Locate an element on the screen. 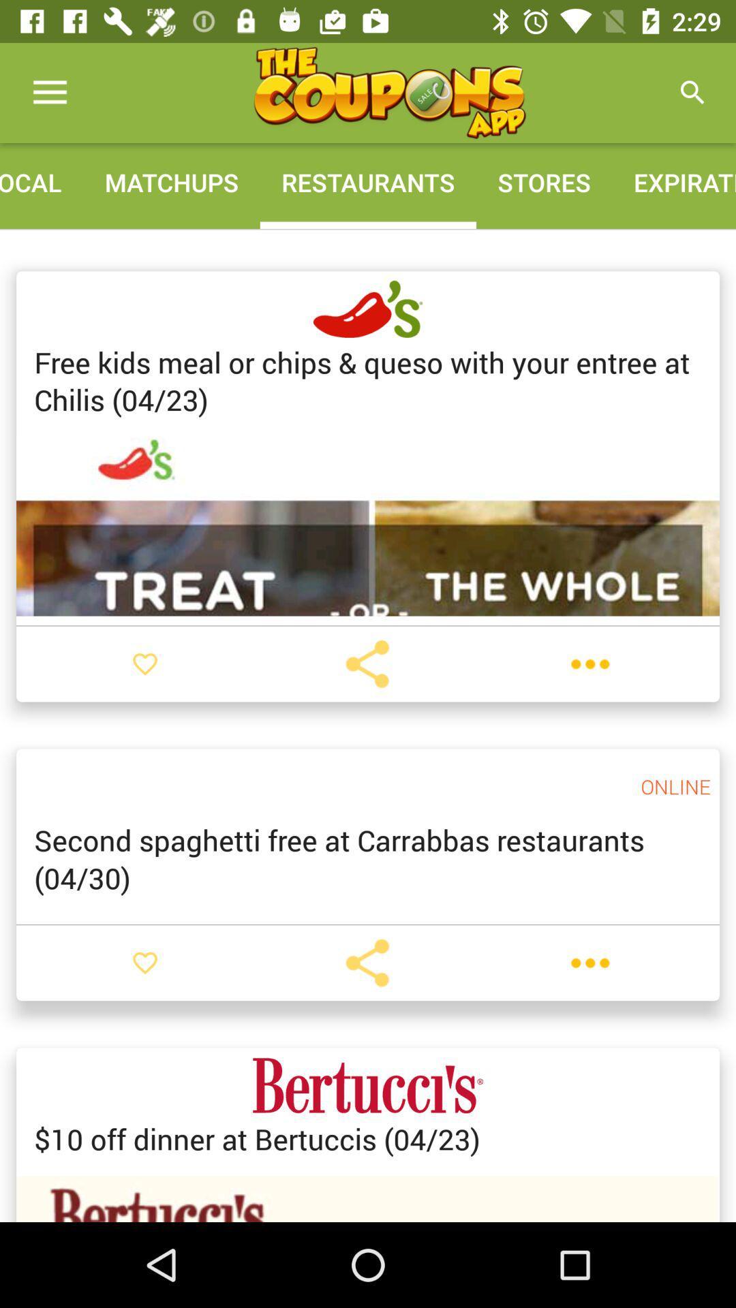 This screenshot has height=1308, width=736. like post is located at coordinates (144, 962).